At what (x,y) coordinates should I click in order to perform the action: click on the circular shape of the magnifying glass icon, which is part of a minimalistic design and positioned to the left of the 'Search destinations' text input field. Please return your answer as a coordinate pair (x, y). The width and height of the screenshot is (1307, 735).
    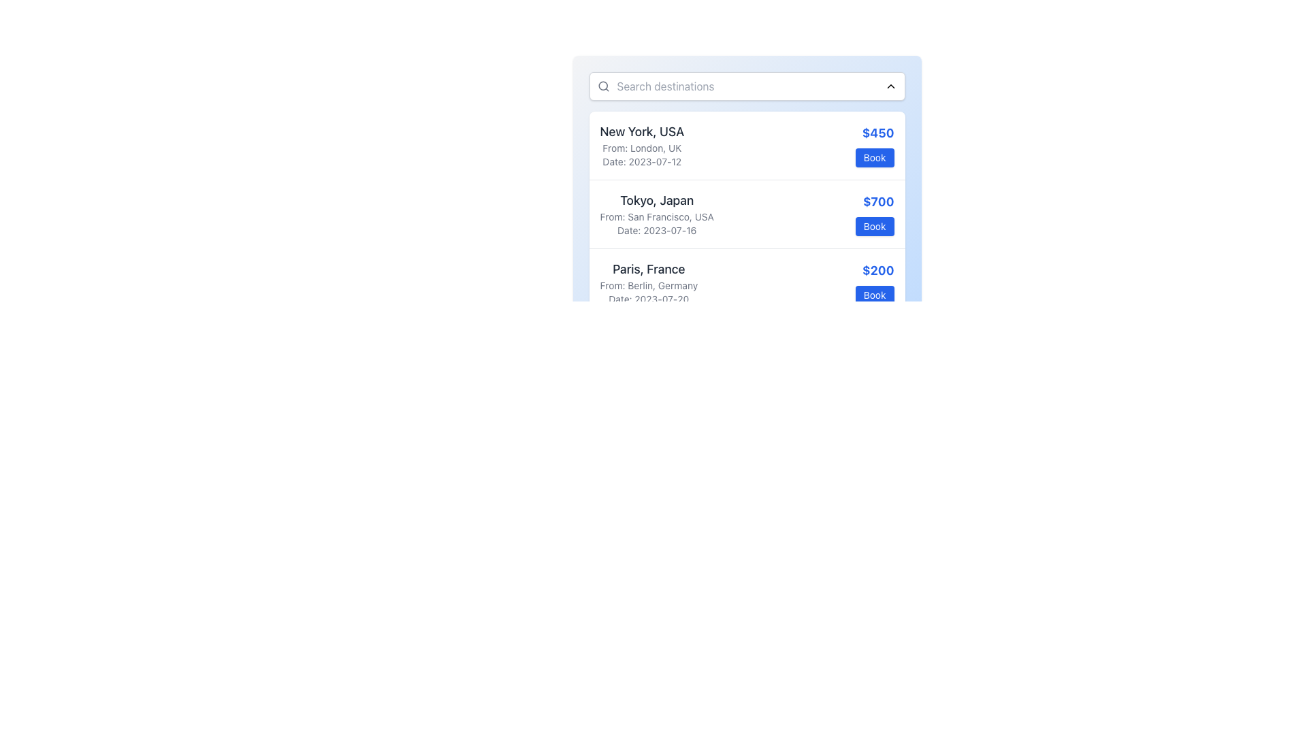
    Looking at the image, I should click on (602, 86).